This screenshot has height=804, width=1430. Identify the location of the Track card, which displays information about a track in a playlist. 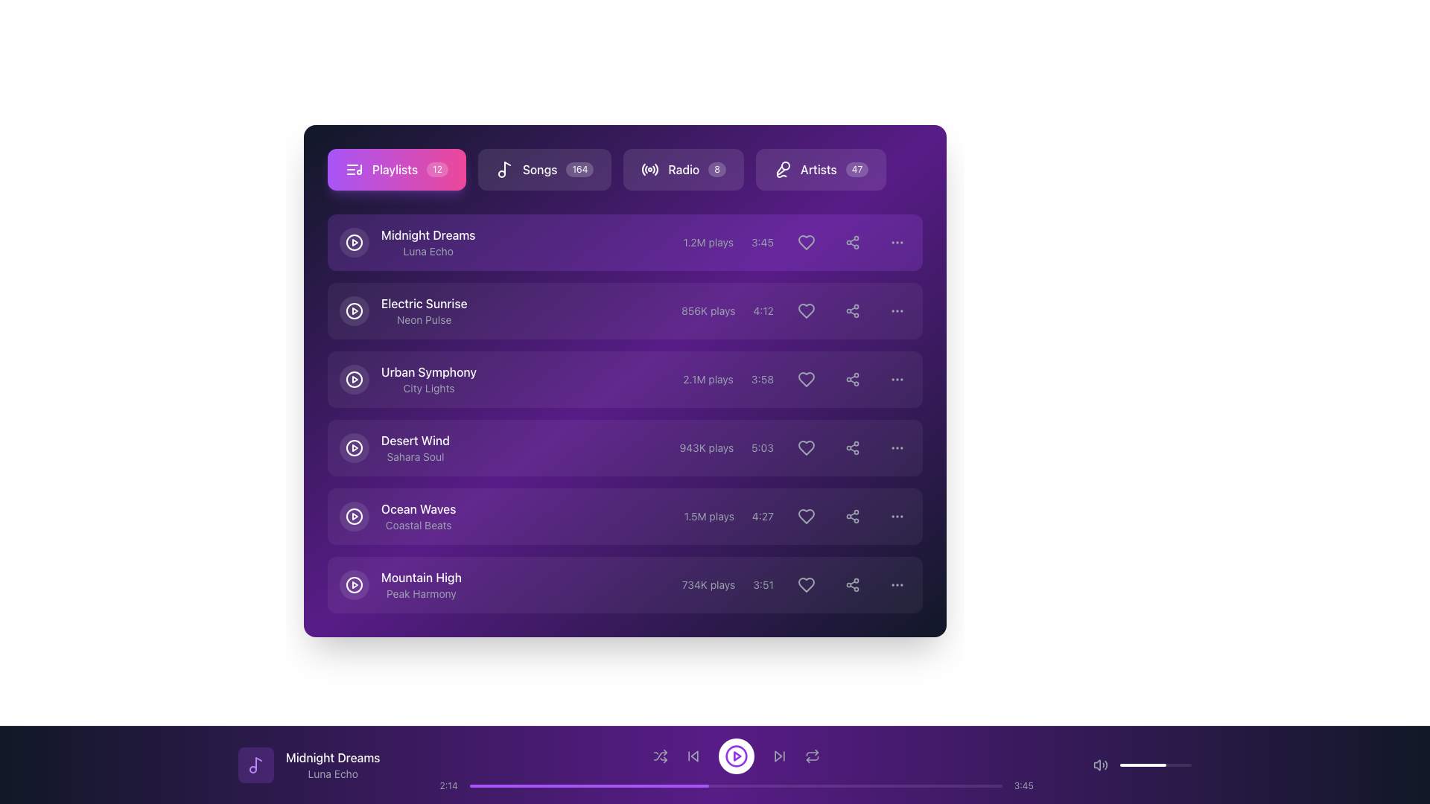
(625, 242).